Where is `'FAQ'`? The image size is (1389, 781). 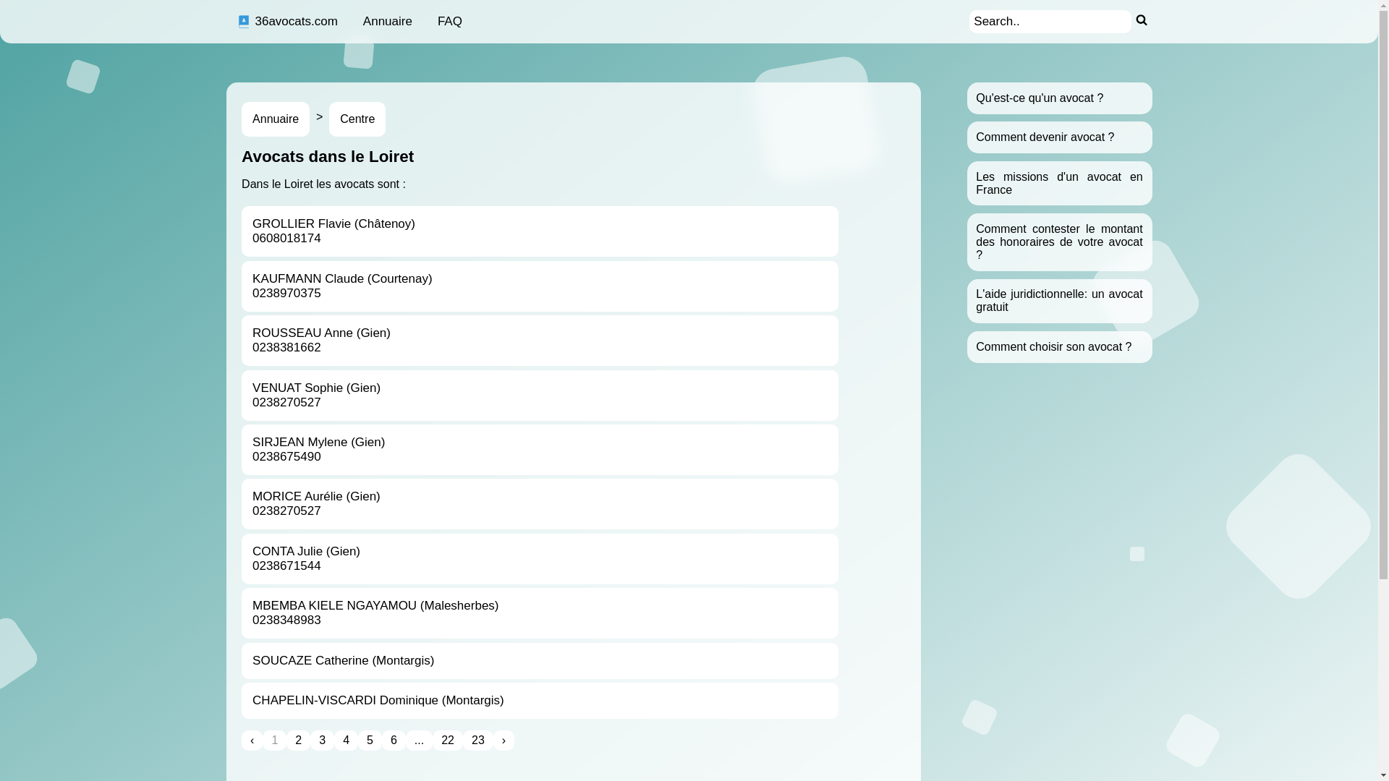 'FAQ' is located at coordinates (449, 22).